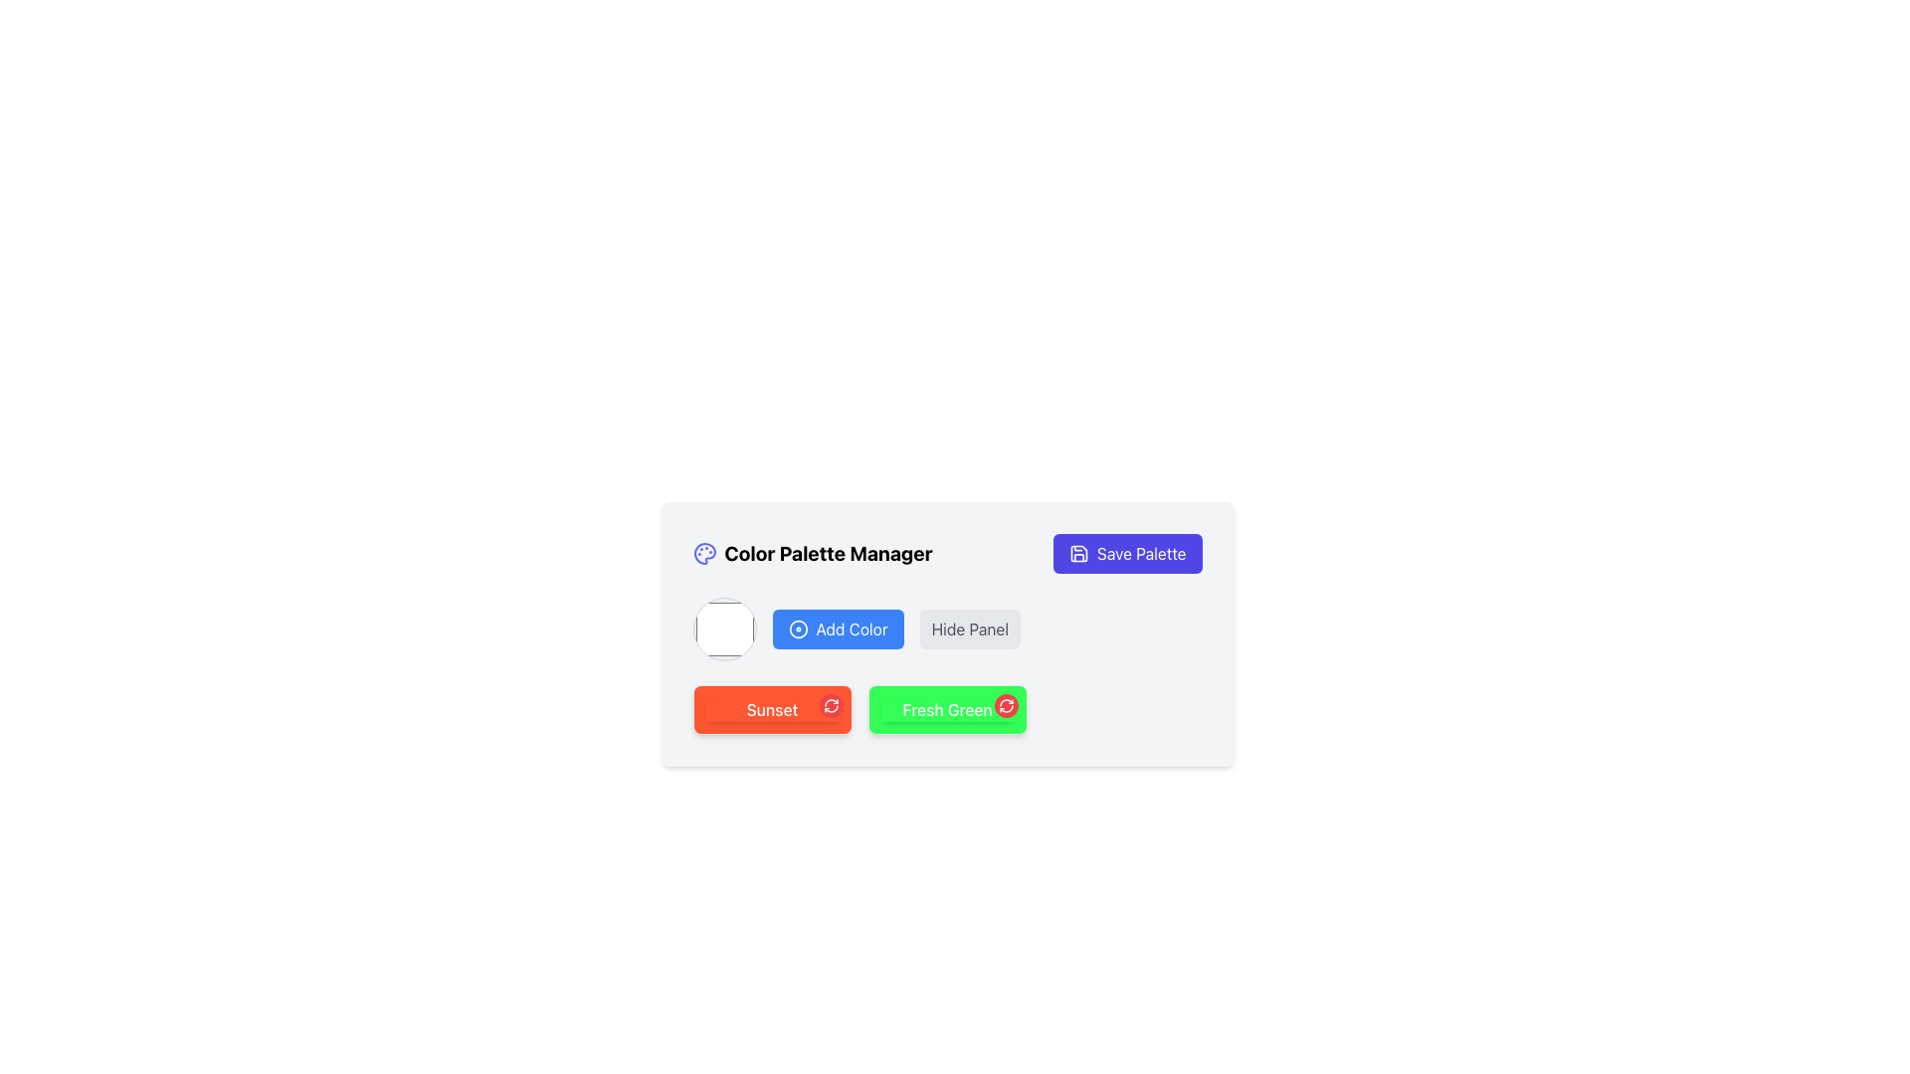 The image size is (1910, 1074). I want to click on the circular color picker in the Color Palette Manager to select or modify a color, so click(946, 628).